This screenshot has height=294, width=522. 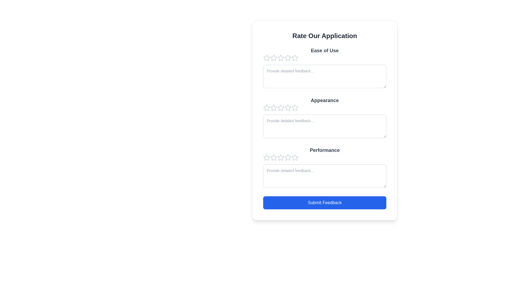 I want to click on the second star icon in the 'Appearance' rating component, so click(x=281, y=107).